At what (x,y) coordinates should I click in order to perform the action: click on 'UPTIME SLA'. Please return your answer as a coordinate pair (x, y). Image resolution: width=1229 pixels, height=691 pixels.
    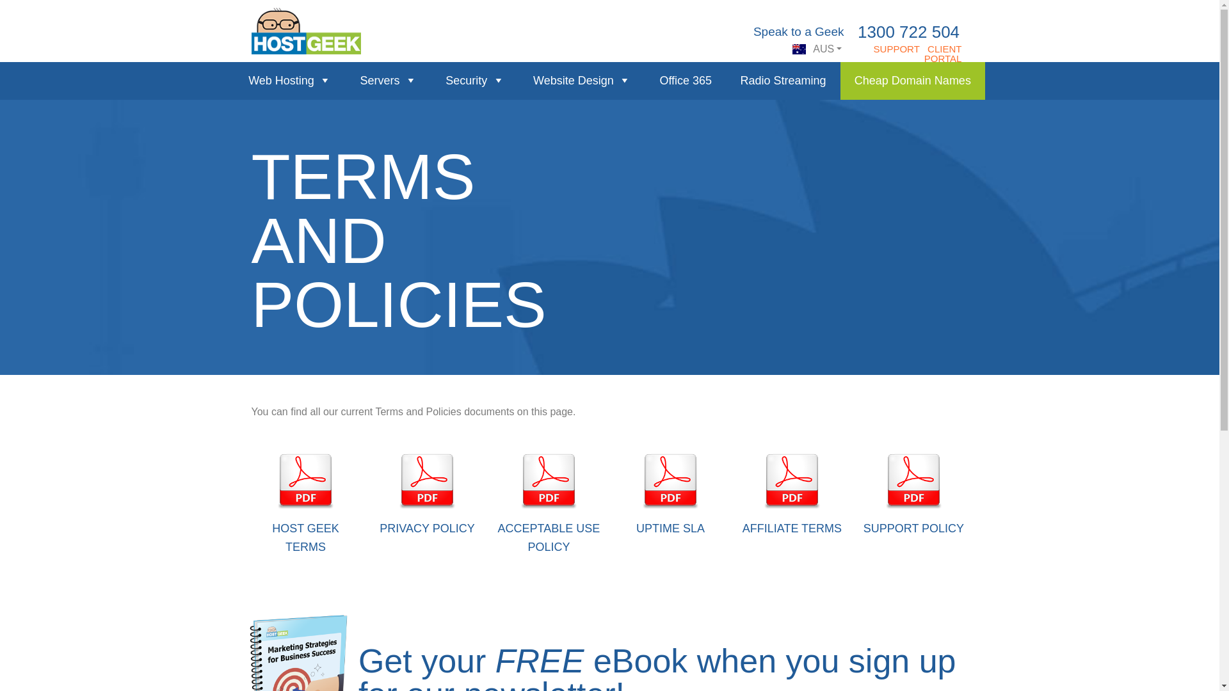
    Looking at the image, I should click on (670, 528).